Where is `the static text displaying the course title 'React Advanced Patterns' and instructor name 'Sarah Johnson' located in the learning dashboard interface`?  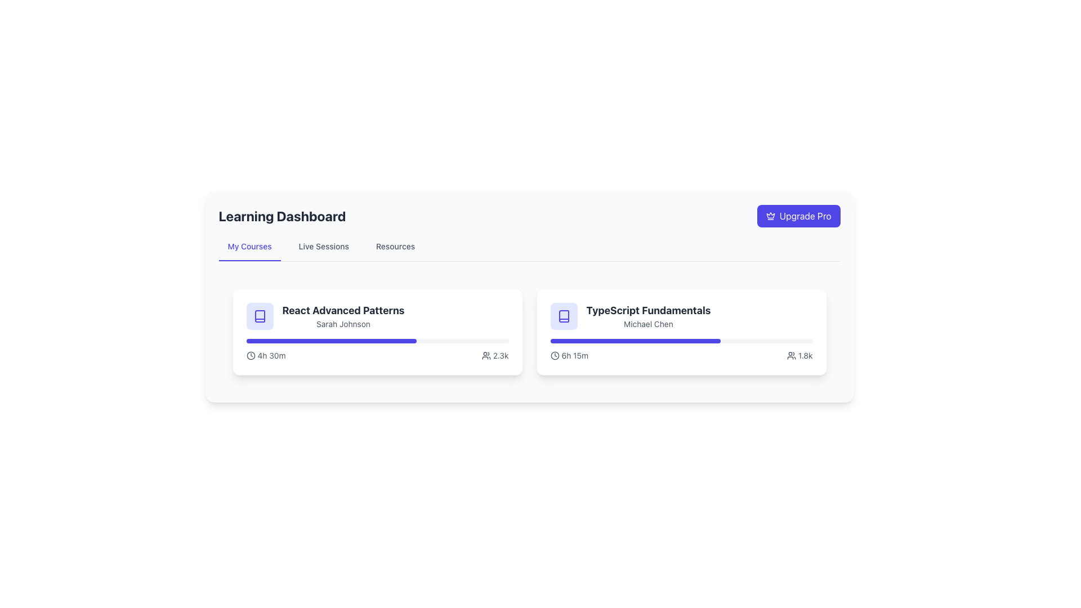
the static text displaying the course title 'React Advanced Patterns' and instructor name 'Sarah Johnson' located in the learning dashboard interface is located at coordinates (342, 316).